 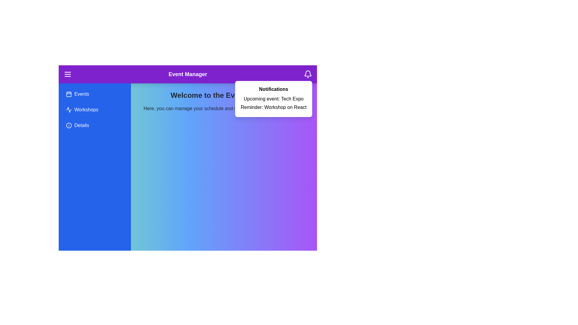 What do you see at coordinates (95, 94) in the screenshot?
I see `the sidebar menu item Events to interact with it` at bounding box center [95, 94].